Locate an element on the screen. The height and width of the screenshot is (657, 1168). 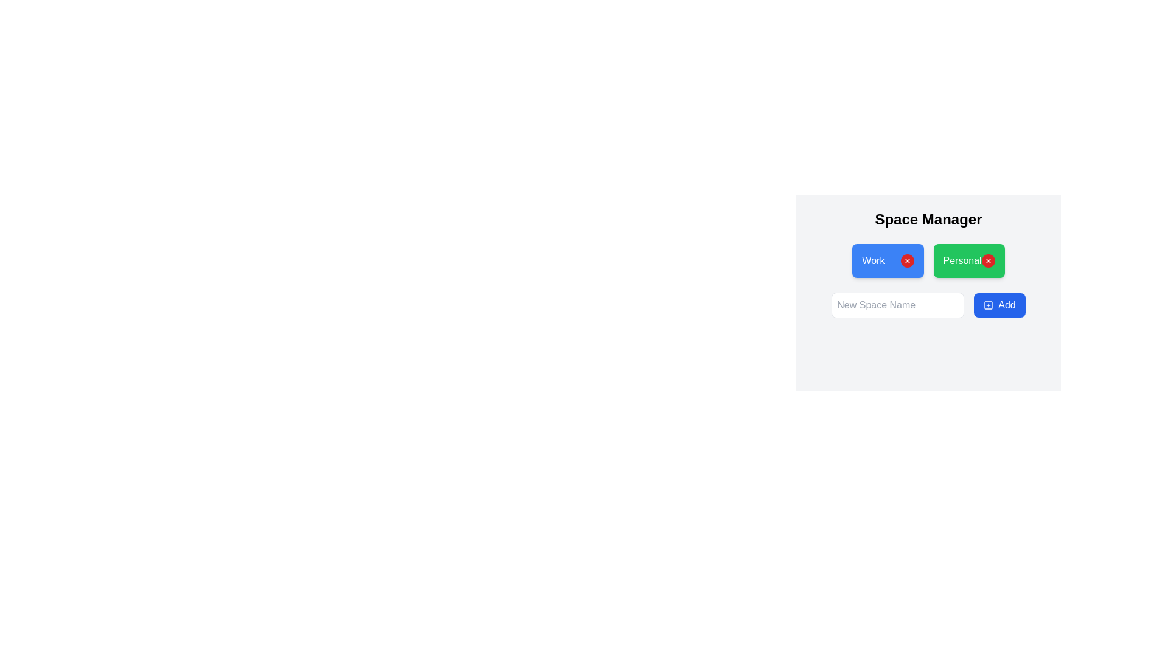
the delete or close button located in the top right corner of the green 'Personal' button is located at coordinates (907, 260).